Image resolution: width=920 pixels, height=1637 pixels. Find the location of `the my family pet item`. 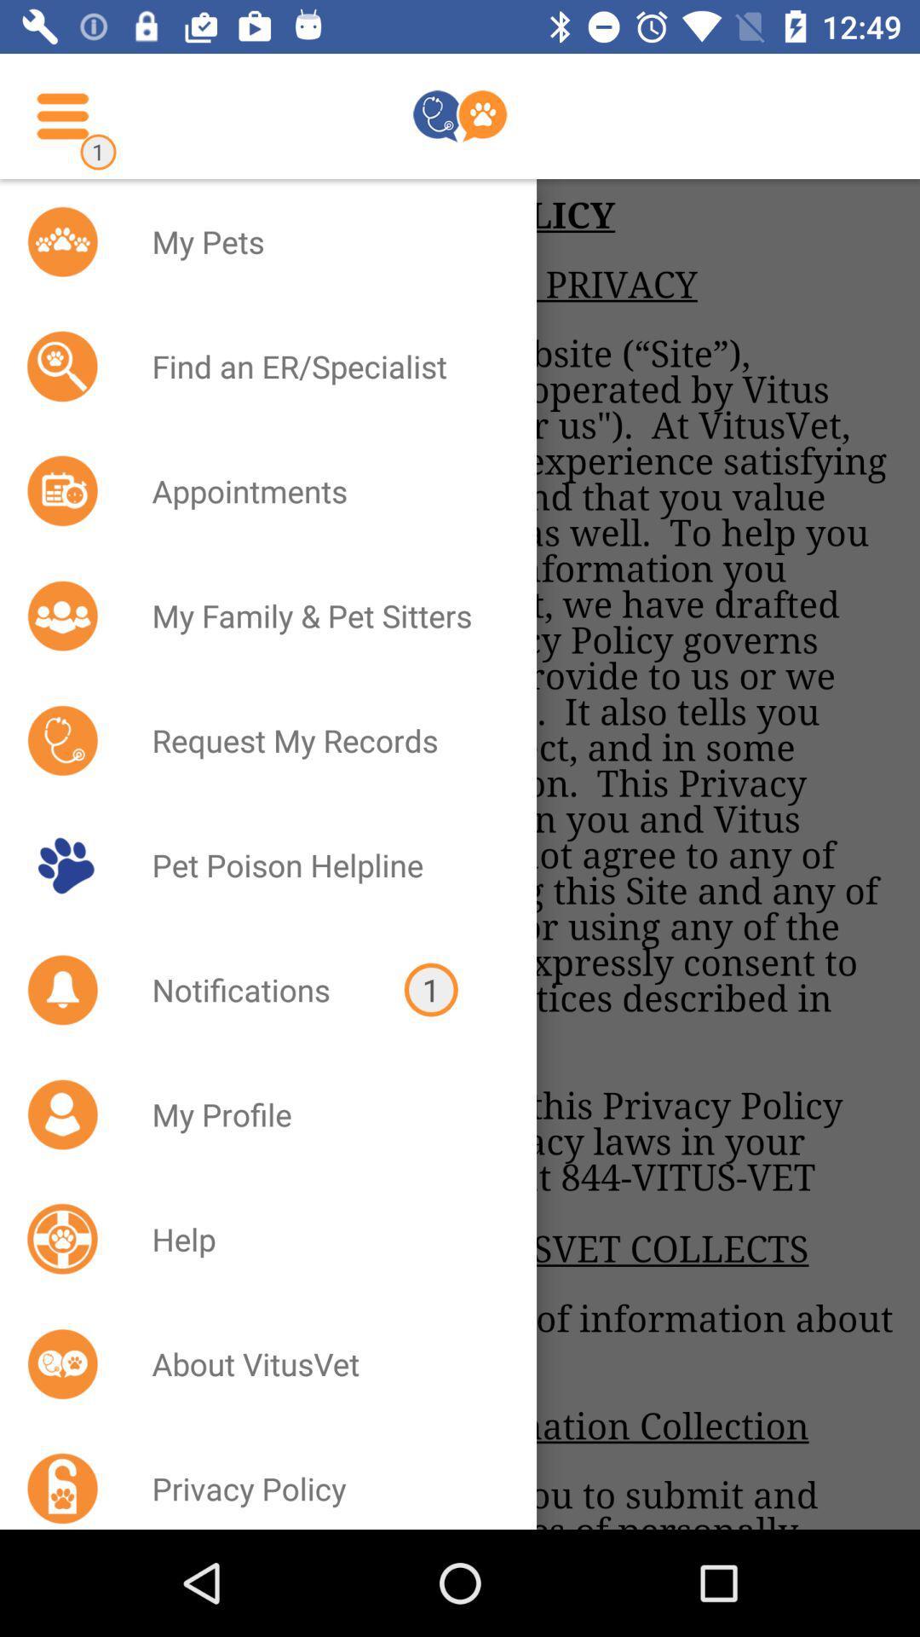

the my family pet item is located at coordinates (322, 615).